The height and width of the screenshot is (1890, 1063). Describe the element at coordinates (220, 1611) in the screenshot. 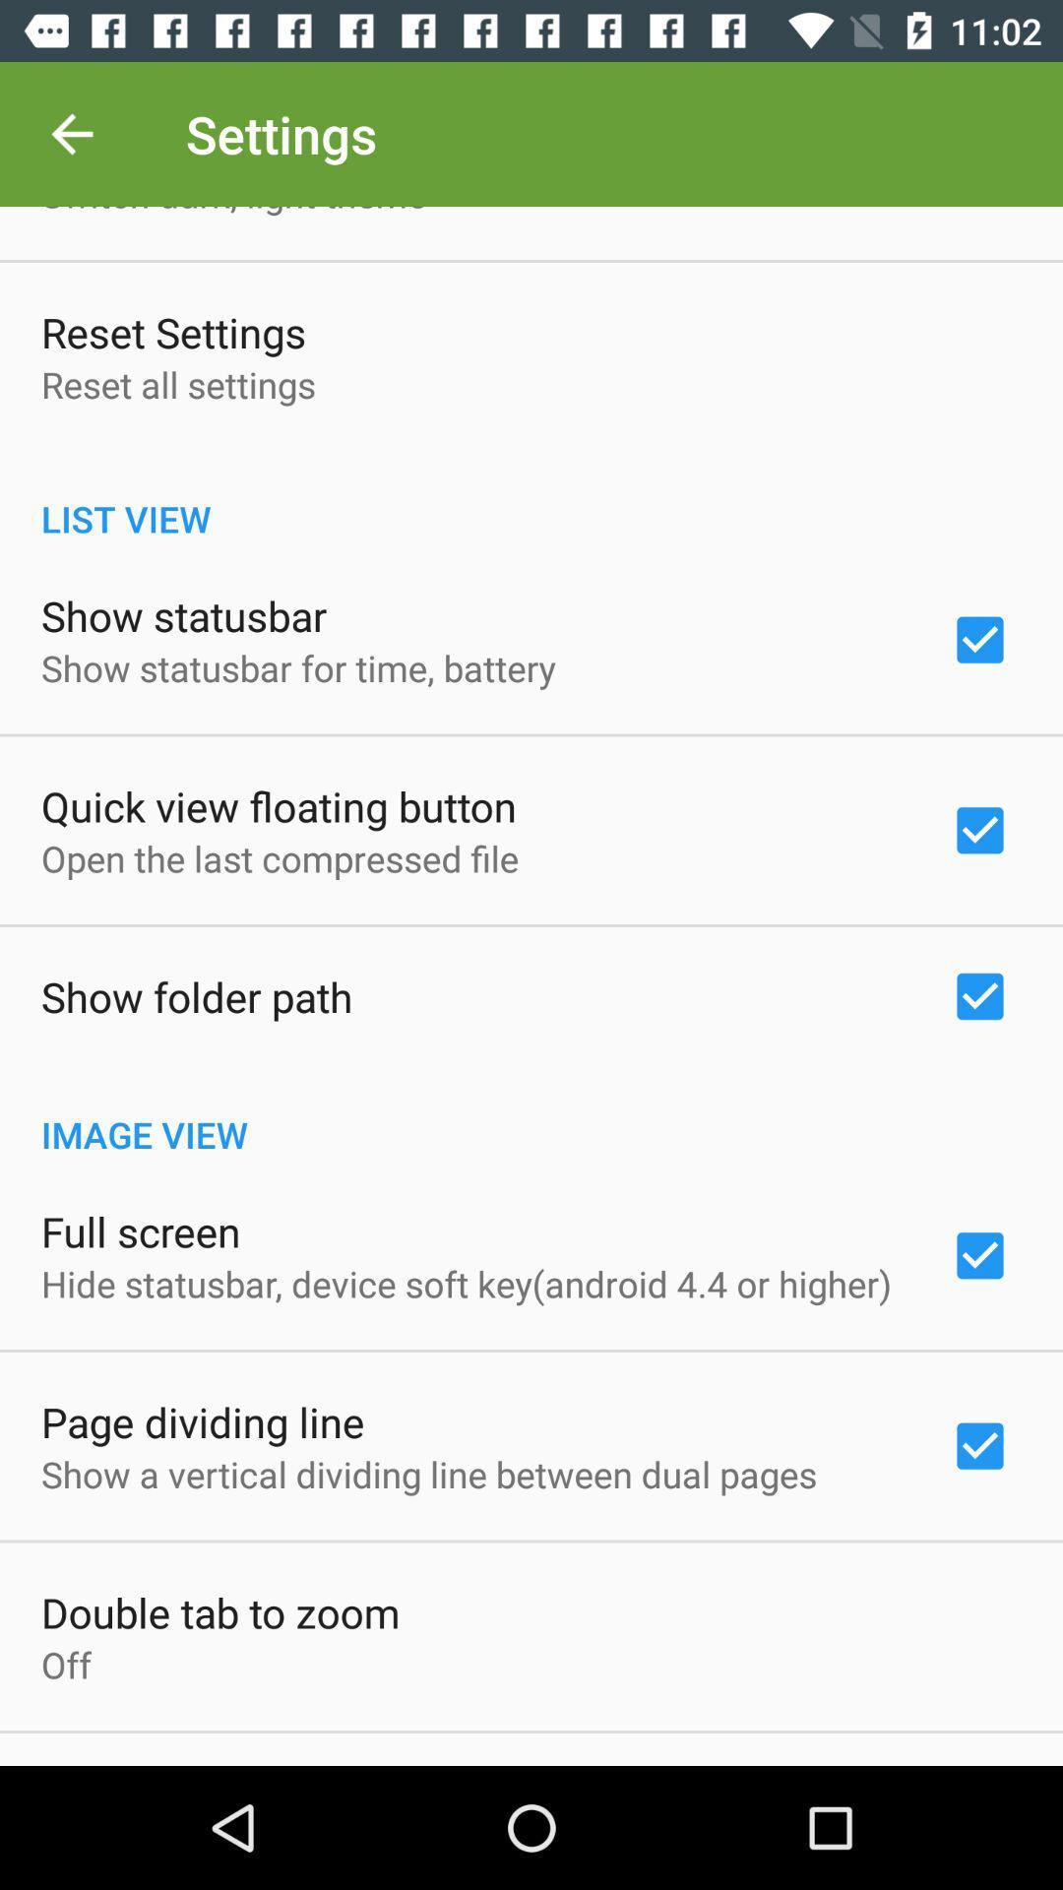

I see `double tab to icon` at that location.